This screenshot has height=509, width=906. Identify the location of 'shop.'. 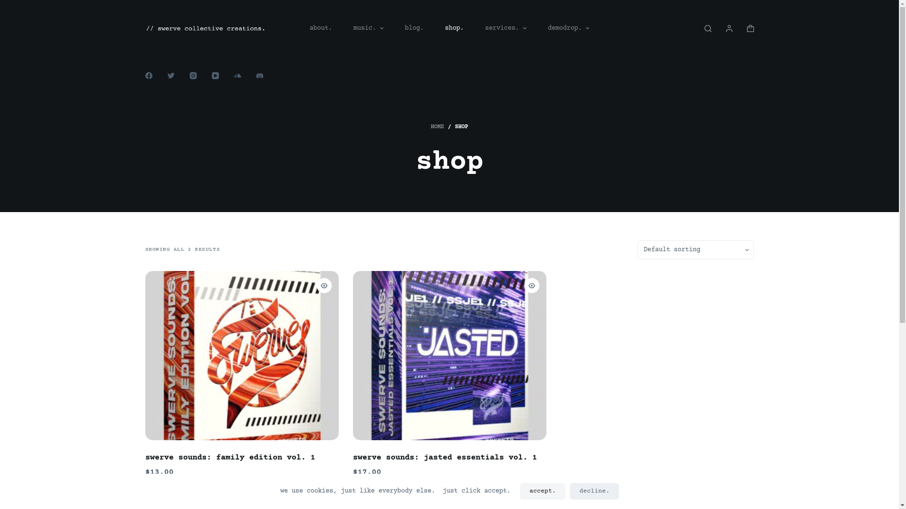
(454, 28).